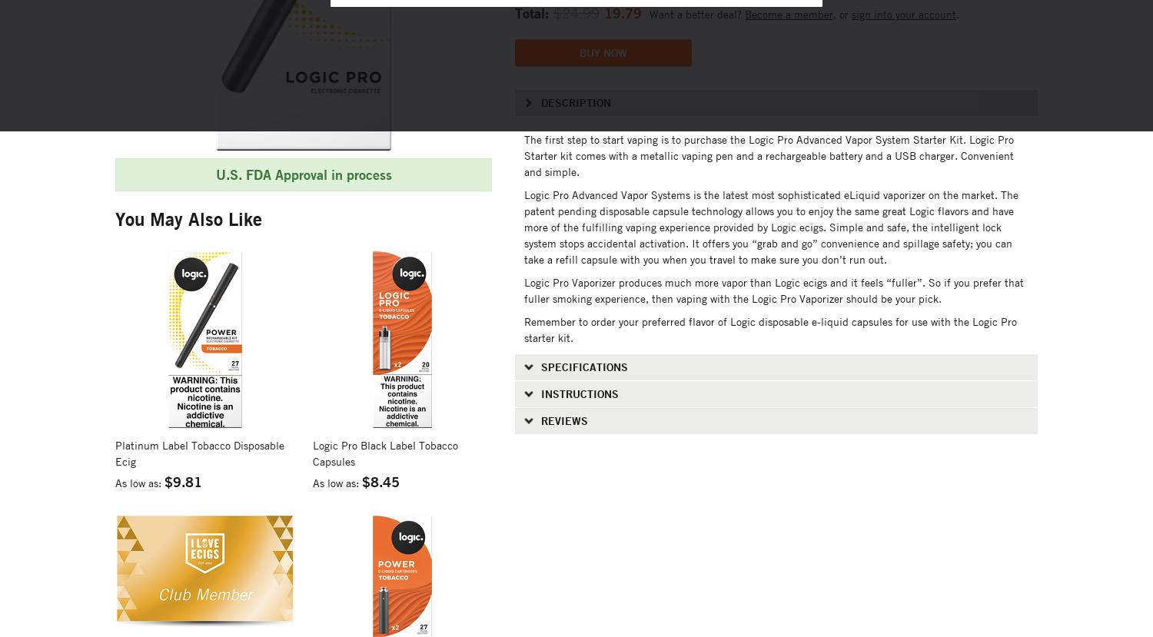 The width and height of the screenshot is (1153, 637). I want to click on 'Want a better deal?', so click(648, 13).